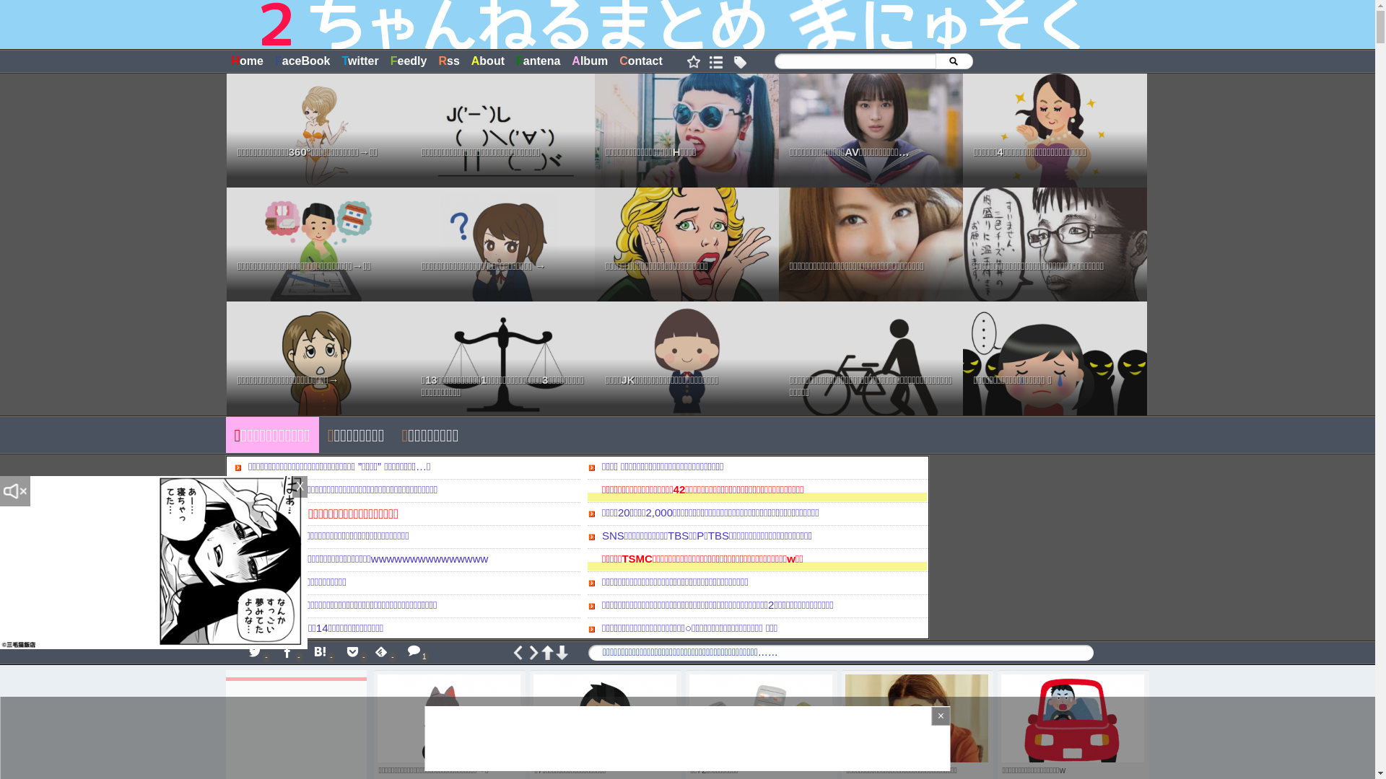 The image size is (1386, 779). I want to click on '1', so click(414, 651).